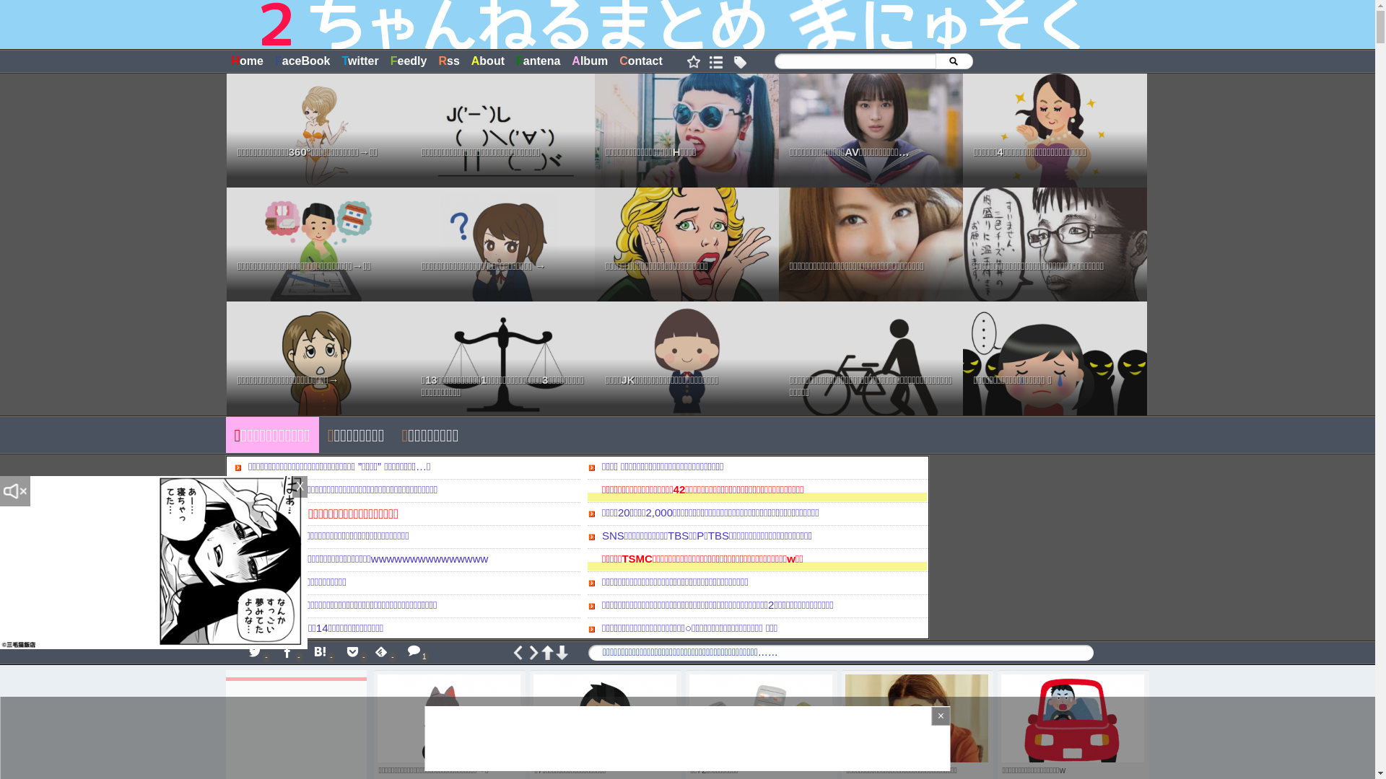 The image size is (1386, 779). I want to click on '1', so click(414, 651).